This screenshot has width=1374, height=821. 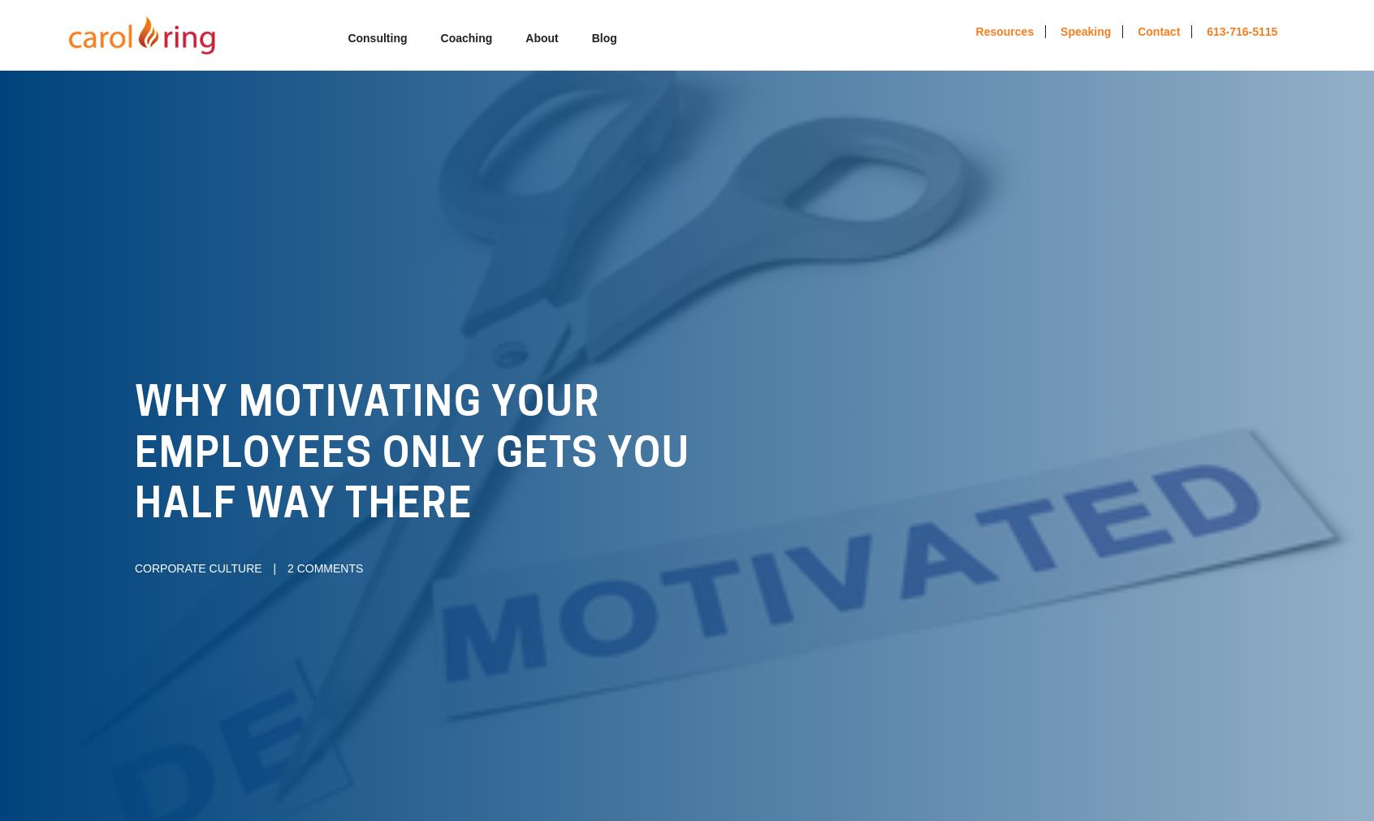 I want to click on 'Why Motivating Your Employees Only Gets You Half Way There', so click(x=412, y=452).